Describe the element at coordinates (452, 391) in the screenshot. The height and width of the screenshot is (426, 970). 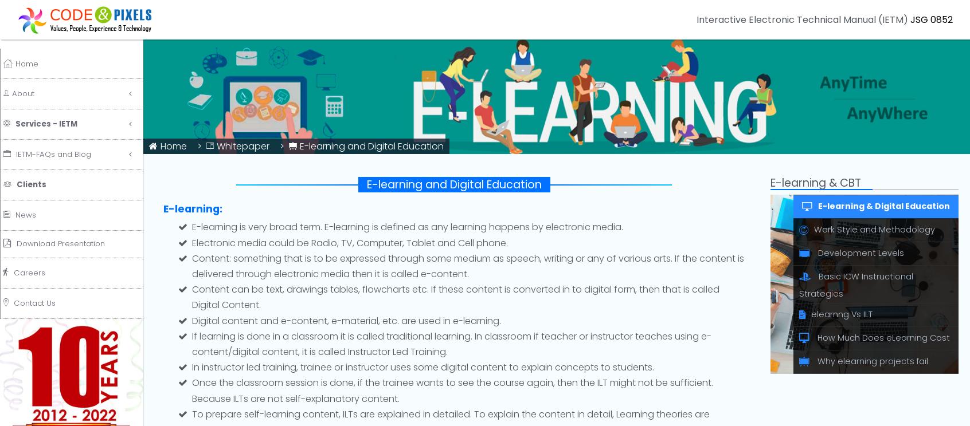
I see `'Once the classroom session is done, if the trainee wants to see the course again, then the ILT might not be sufficient. Because ILTs are not self-explanatory content.'` at that location.